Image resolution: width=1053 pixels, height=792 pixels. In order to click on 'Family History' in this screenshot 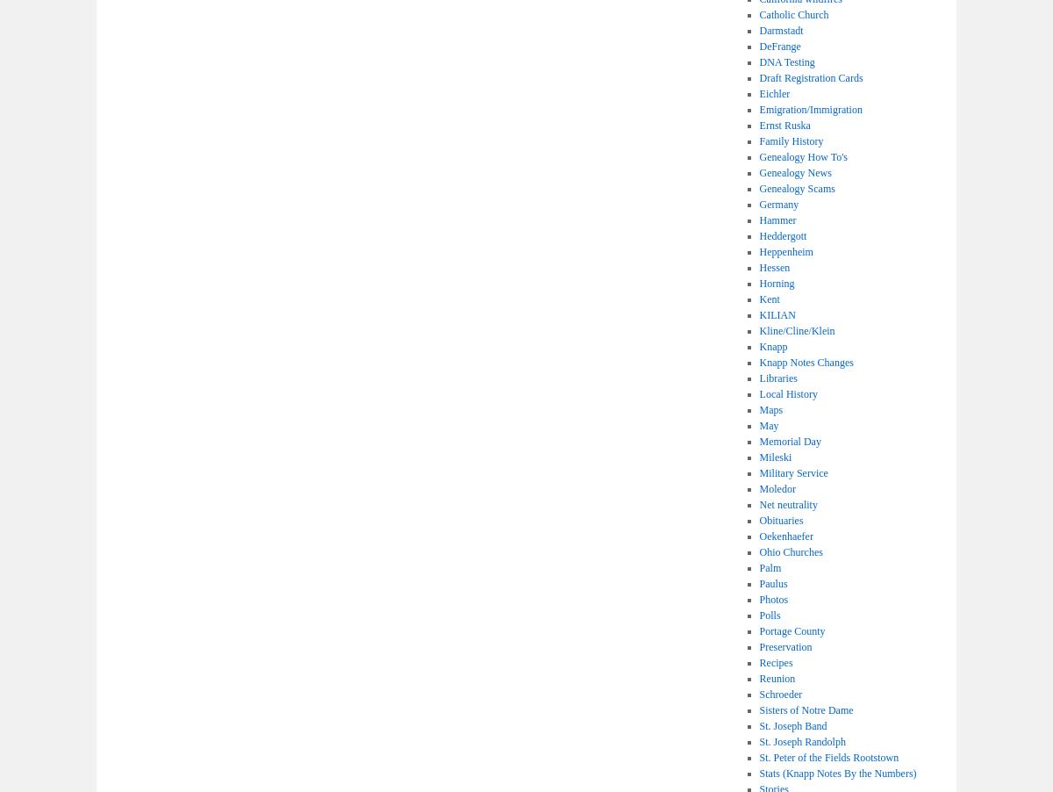, I will do `click(791, 140)`.